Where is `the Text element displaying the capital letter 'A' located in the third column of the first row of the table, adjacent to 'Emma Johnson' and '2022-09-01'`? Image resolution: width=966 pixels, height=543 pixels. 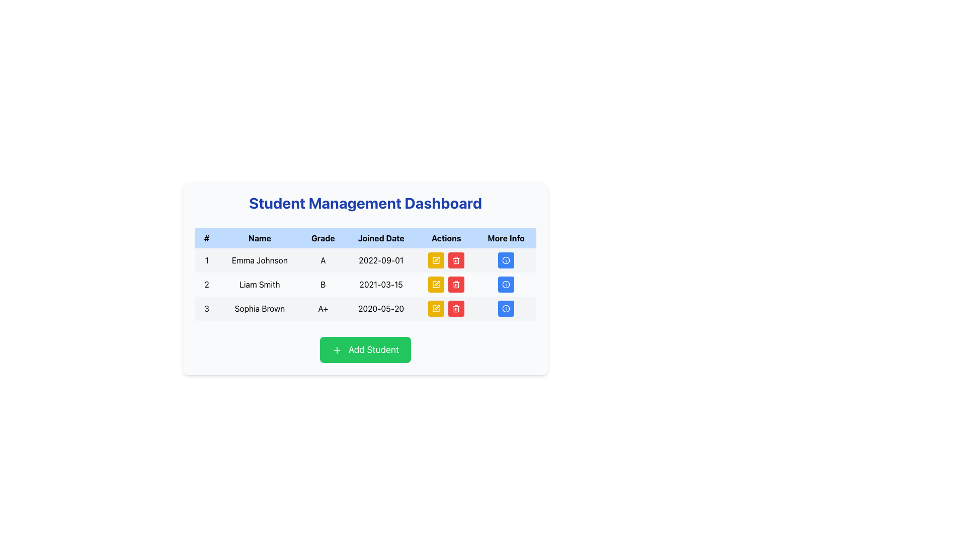
the Text element displaying the capital letter 'A' located in the third column of the first row of the table, adjacent to 'Emma Johnson' and '2022-09-01' is located at coordinates (323, 259).